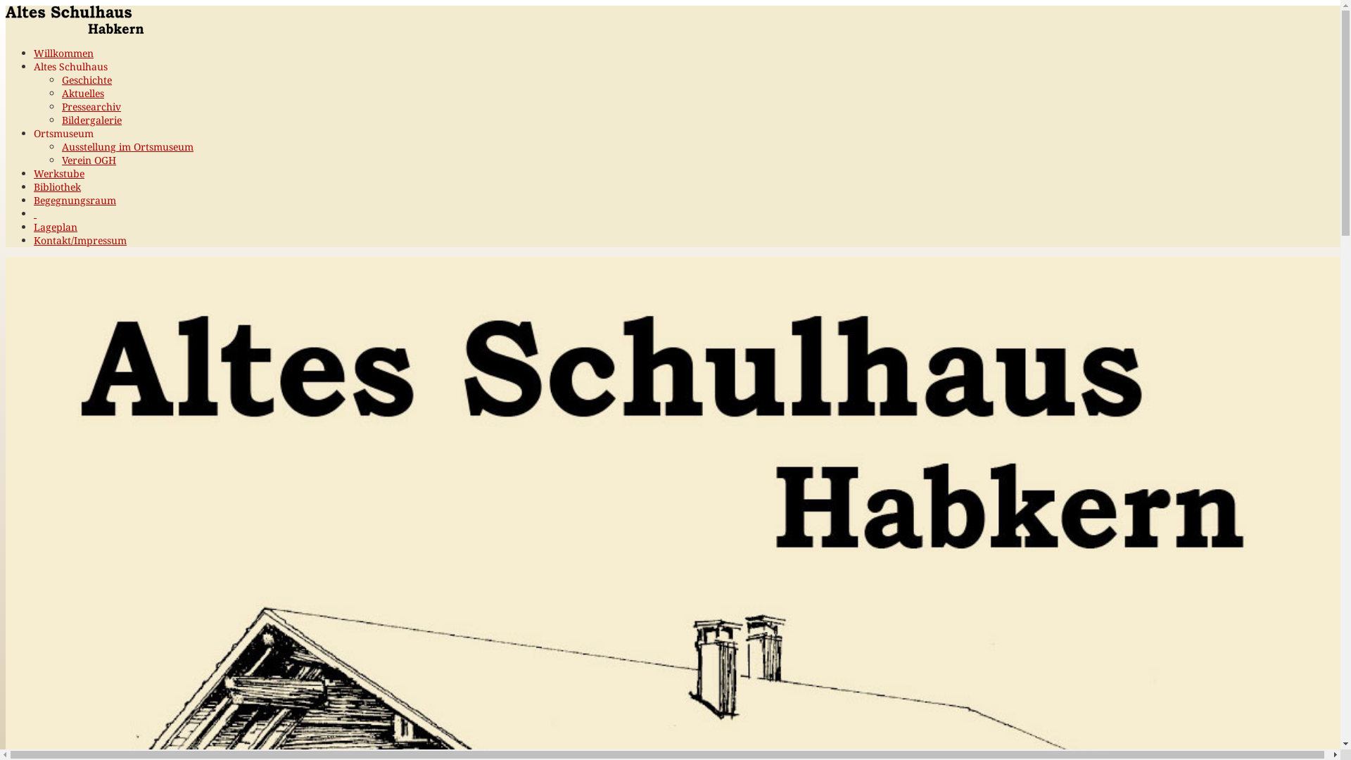 Image resolution: width=1351 pixels, height=760 pixels. Describe the element at coordinates (86, 80) in the screenshot. I see `'Geschichte'` at that location.